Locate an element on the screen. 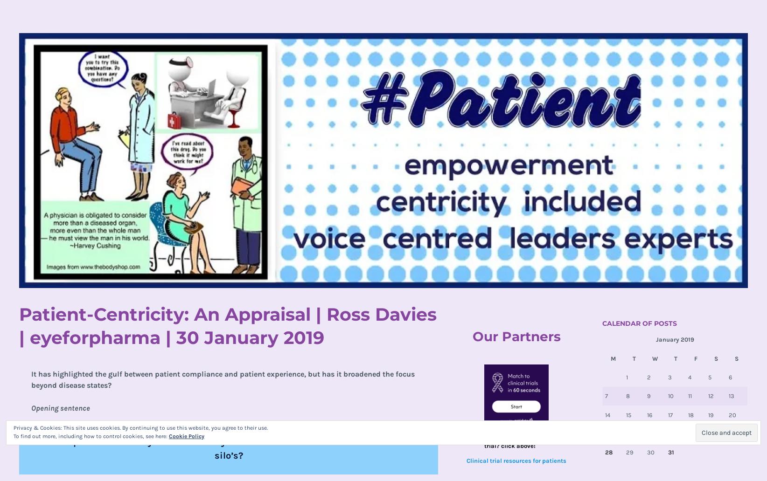 Image resolution: width=767 pixels, height=481 pixels. '5' is located at coordinates (710, 377).